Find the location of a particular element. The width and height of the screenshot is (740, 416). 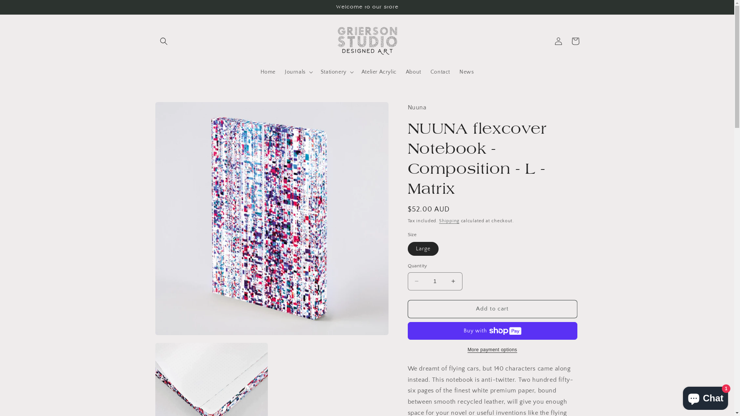

'Contact' is located at coordinates (440, 72).